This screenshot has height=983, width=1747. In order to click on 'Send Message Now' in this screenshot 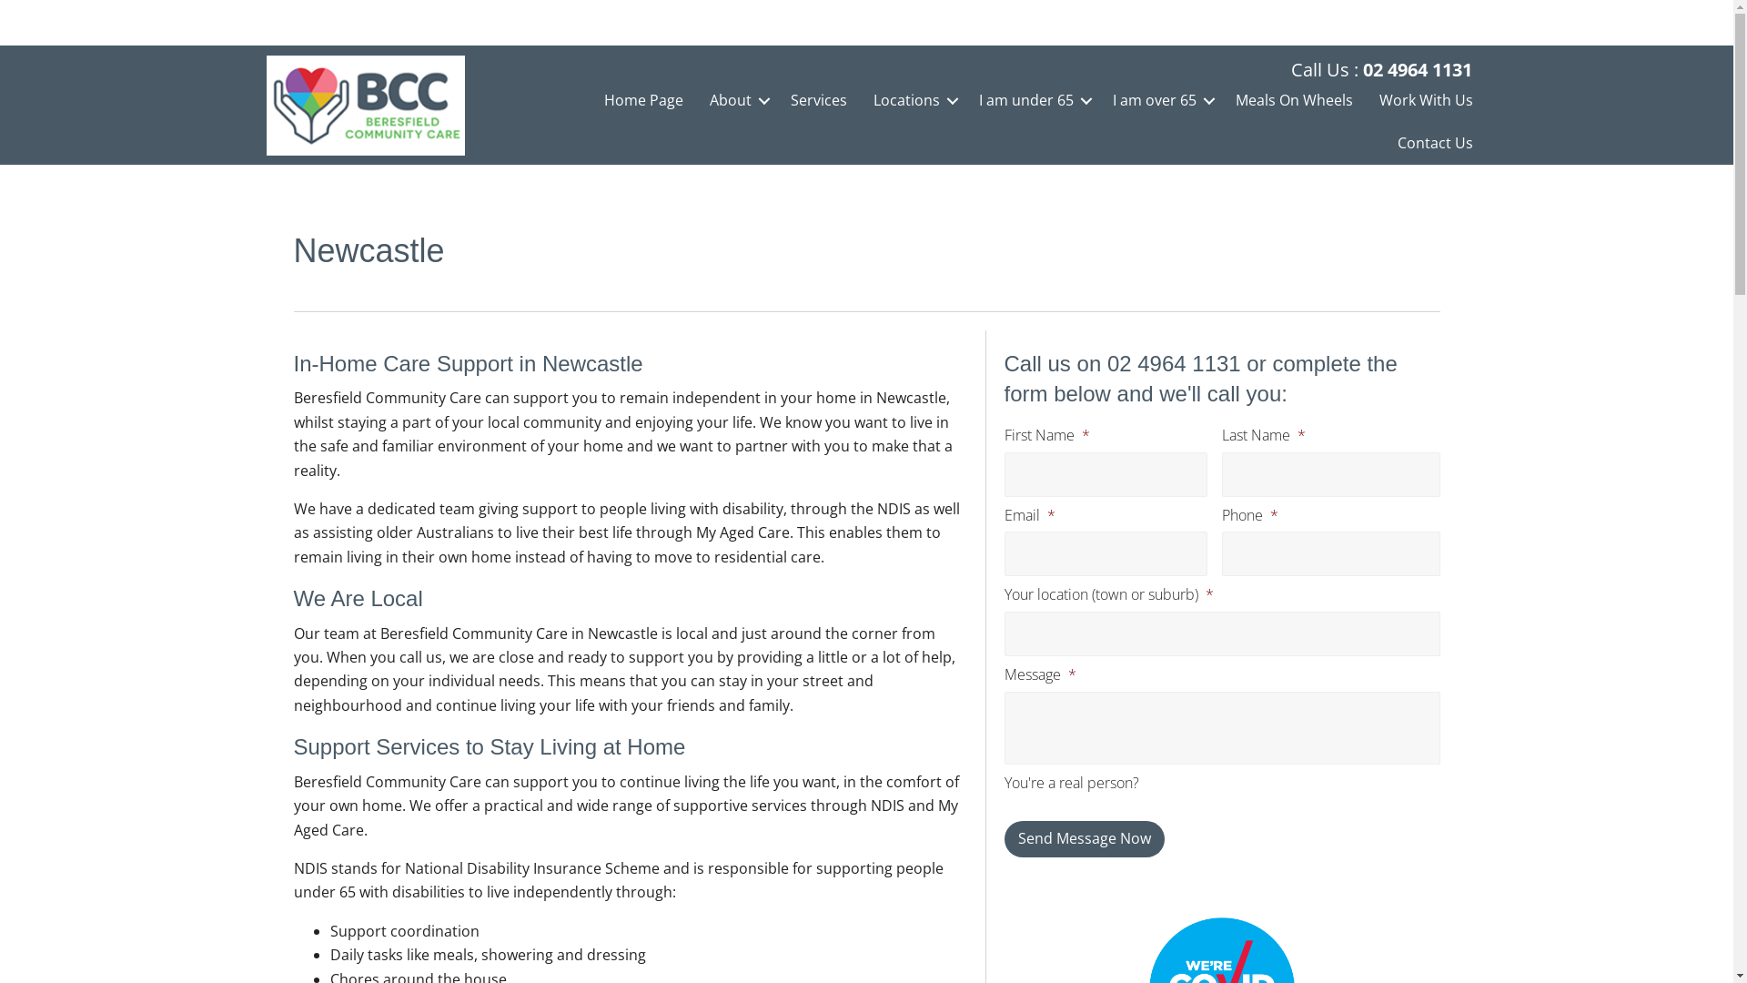, I will do `click(1084, 838)`.